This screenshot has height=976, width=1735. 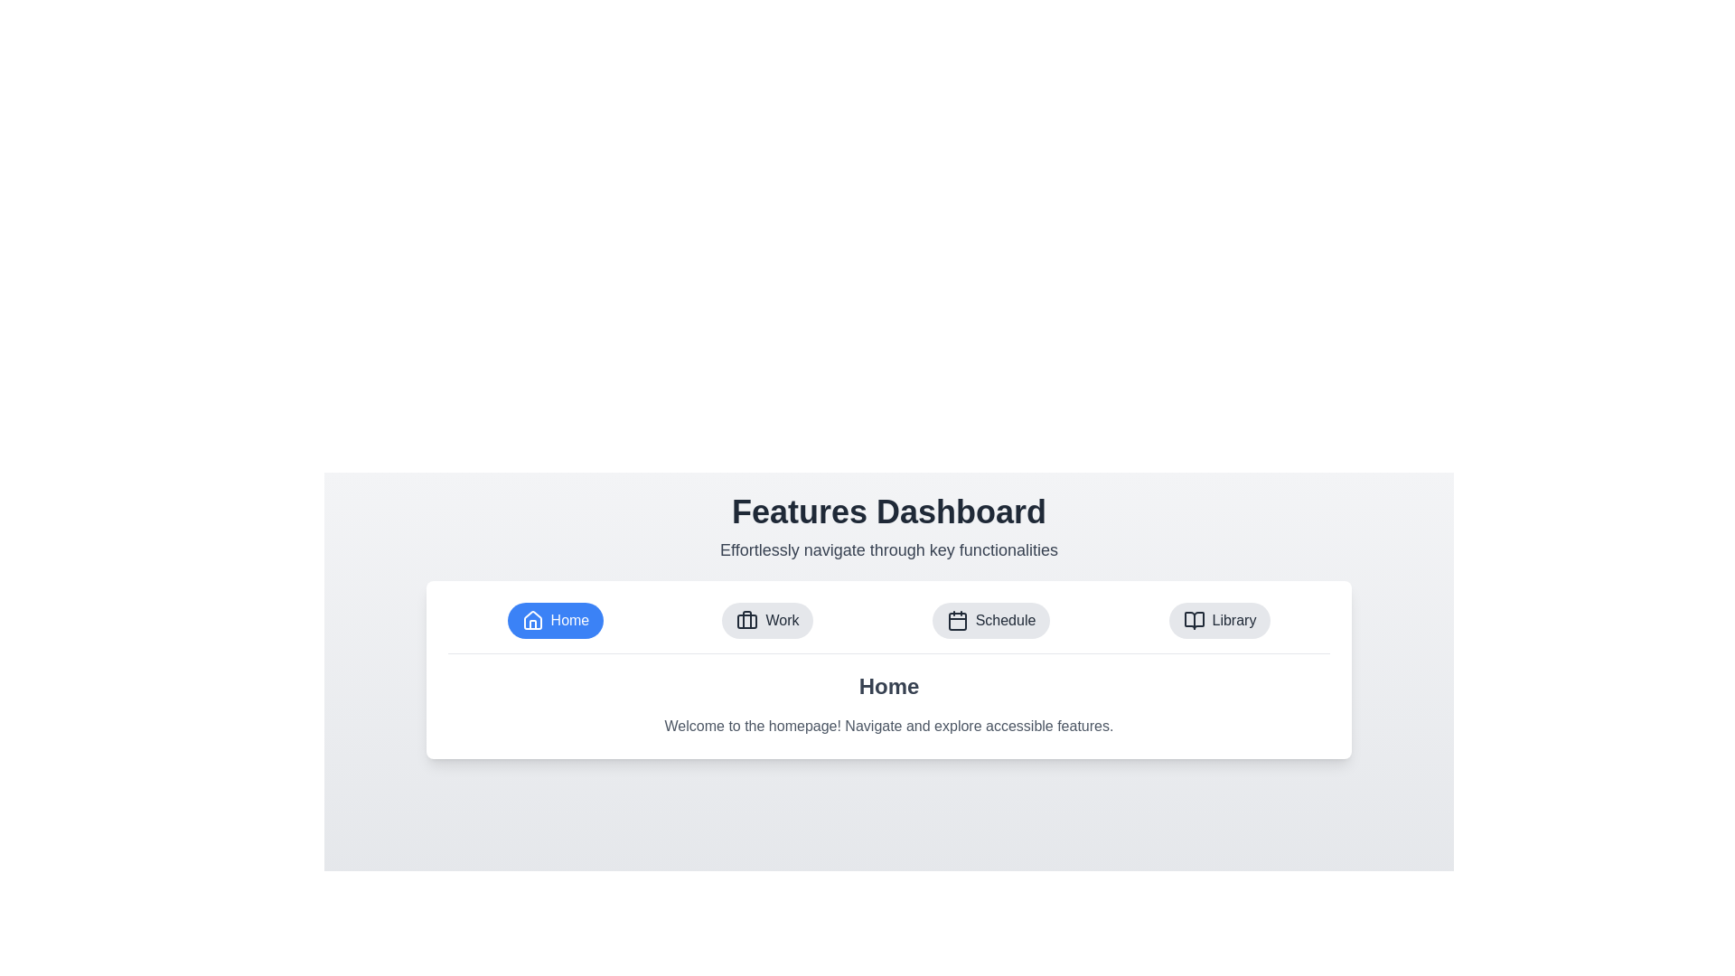 What do you see at coordinates (989, 619) in the screenshot?
I see `the Schedule tab to observe its visual feedback` at bounding box center [989, 619].